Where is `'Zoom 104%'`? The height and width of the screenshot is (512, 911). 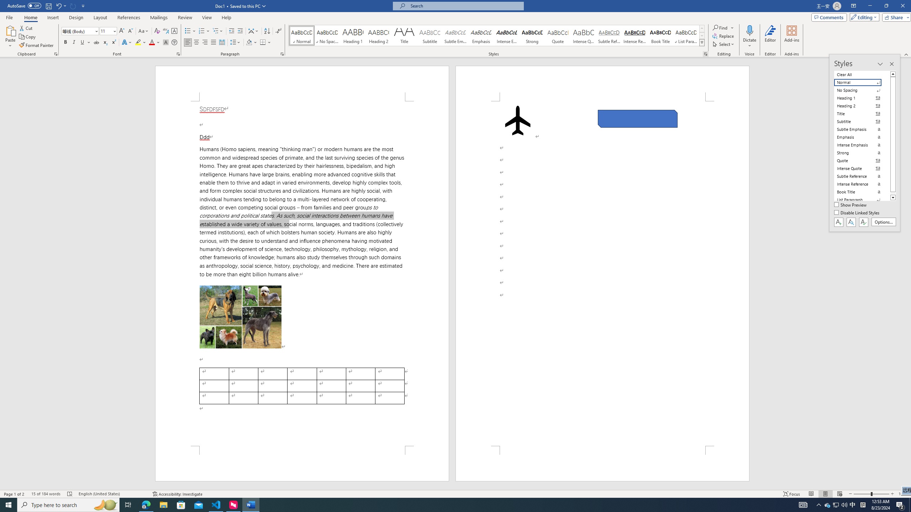
'Zoom 104%' is located at coordinates (903, 494).